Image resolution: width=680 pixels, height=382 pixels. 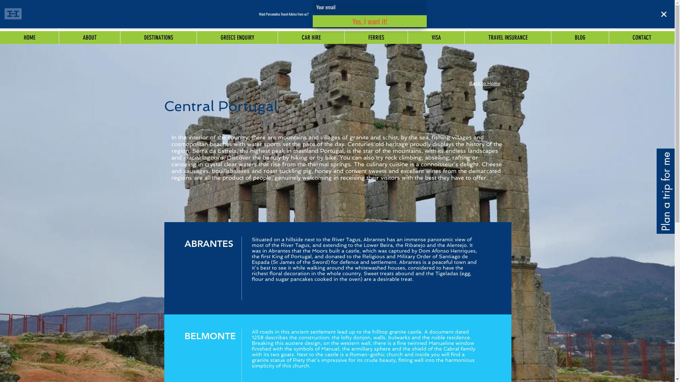 What do you see at coordinates (29, 37) in the screenshot?
I see `'HOME'` at bounding box center [29, 37].